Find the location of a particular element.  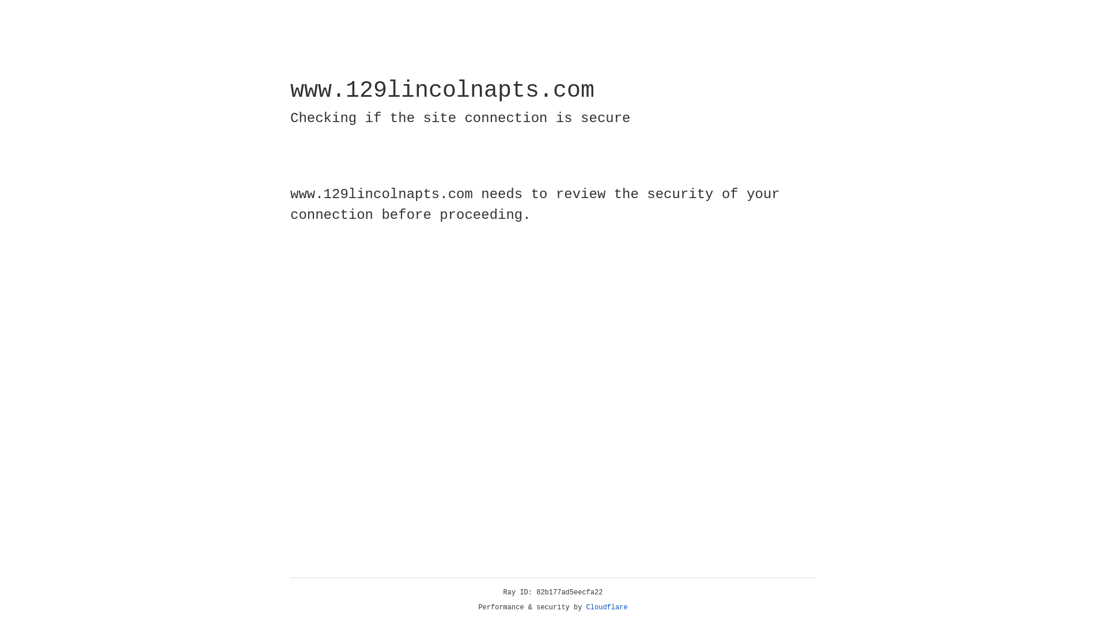

'Cloudflare' is located at coordinates (607, 607).